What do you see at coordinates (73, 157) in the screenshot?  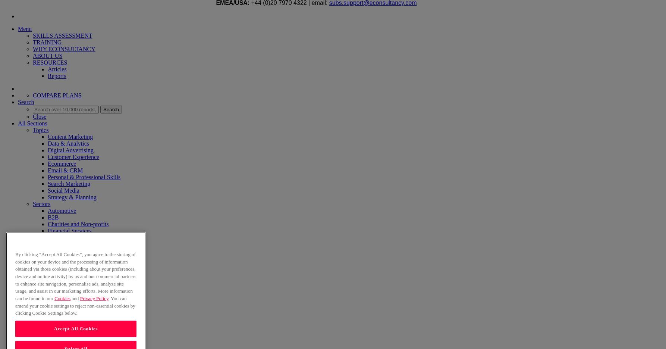 I see `'Customer Experience'` at bounding box center [73, 157].